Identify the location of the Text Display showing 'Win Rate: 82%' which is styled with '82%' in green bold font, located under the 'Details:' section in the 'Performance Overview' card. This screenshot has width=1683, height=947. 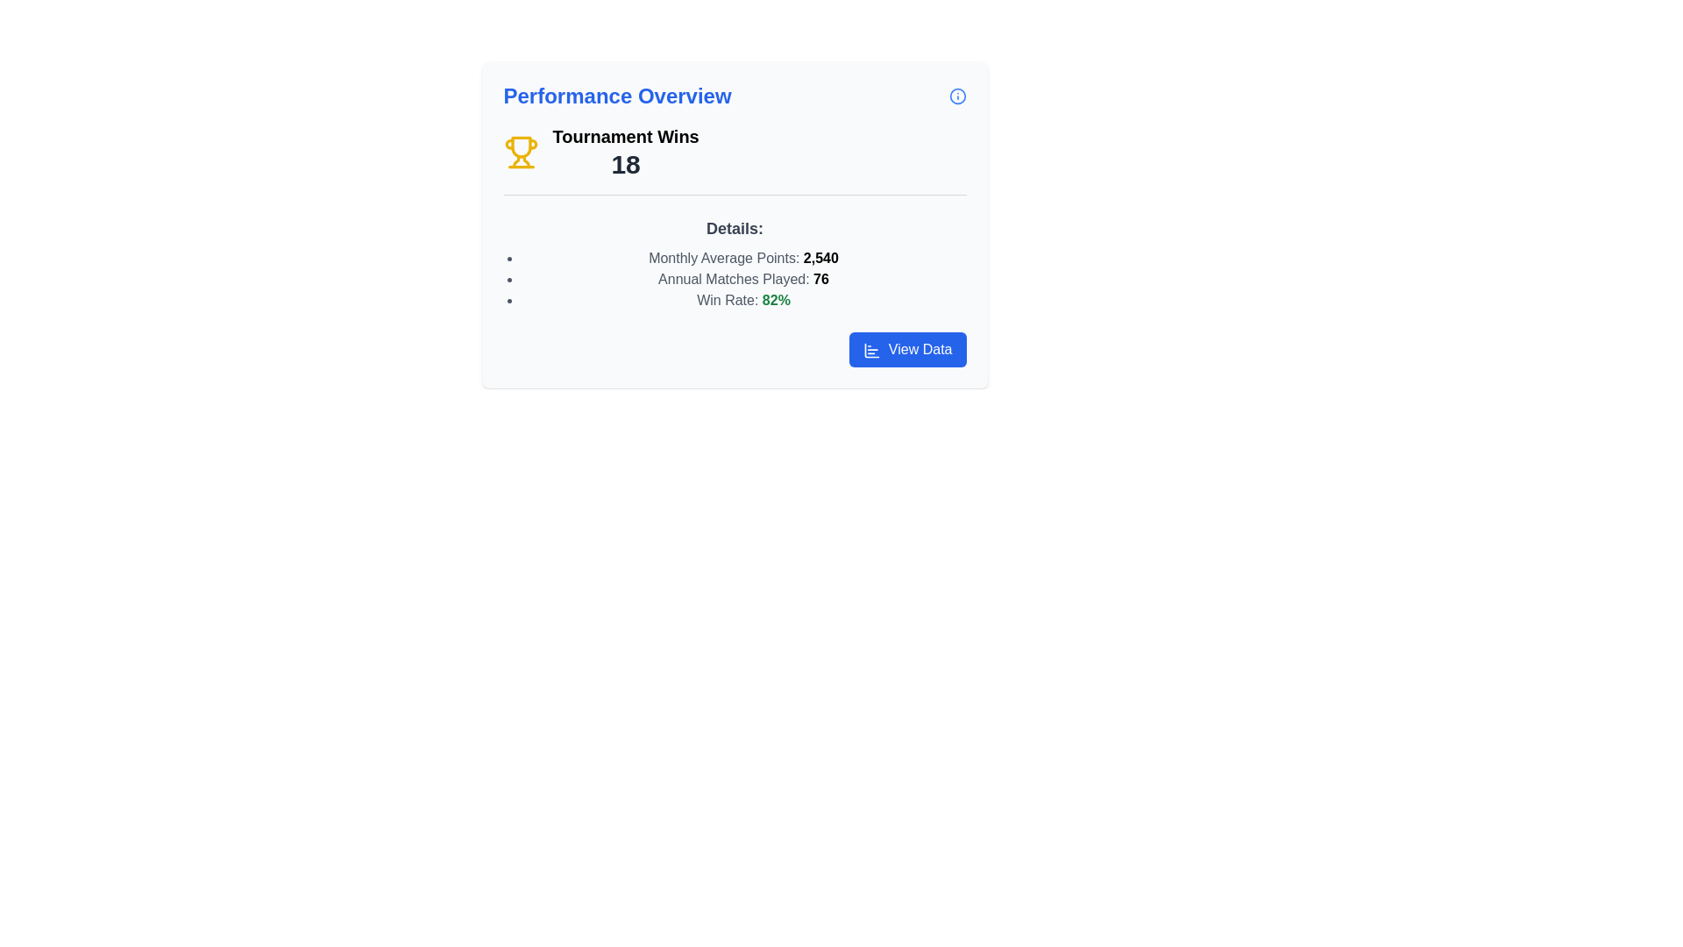
(743, 300).